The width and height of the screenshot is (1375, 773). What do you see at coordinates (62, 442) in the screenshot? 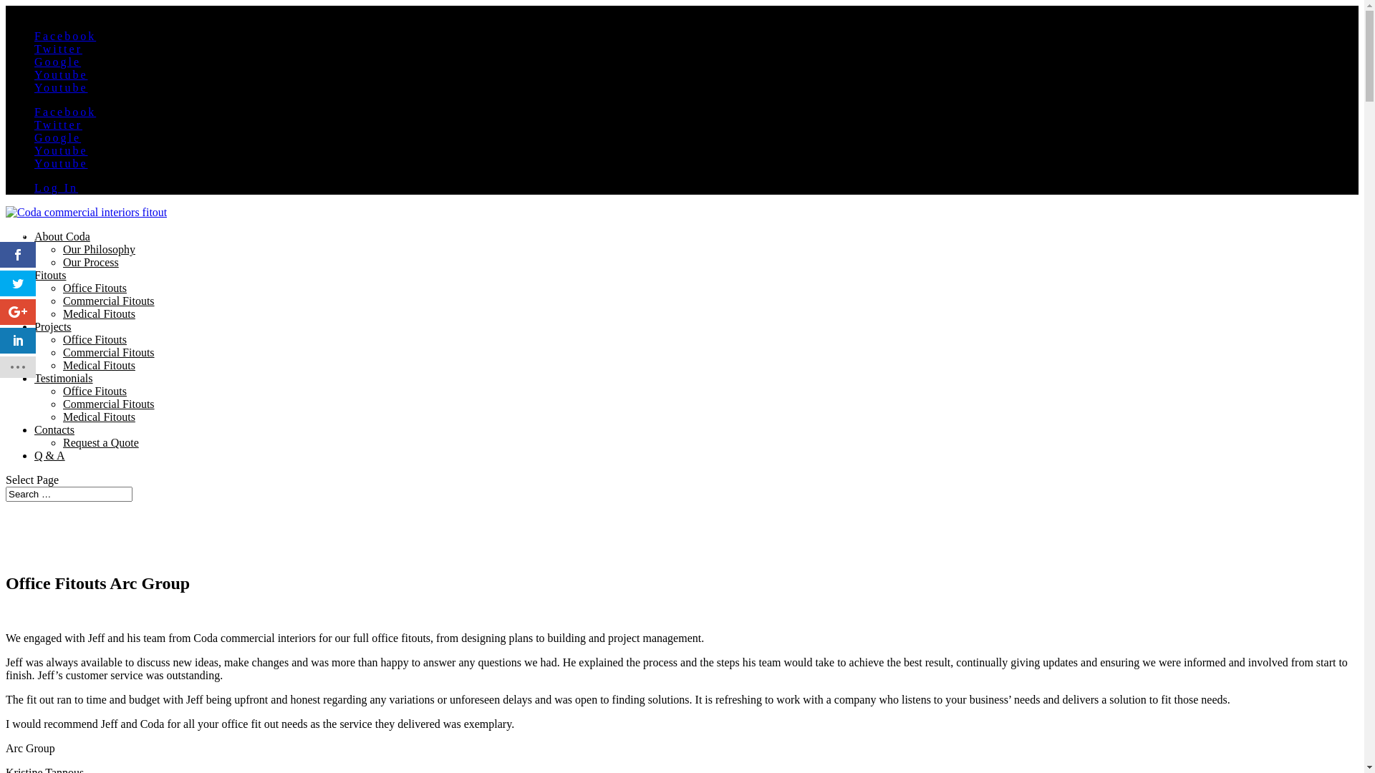
I see `'Request a Quote'` at bounding box center [62, 442].